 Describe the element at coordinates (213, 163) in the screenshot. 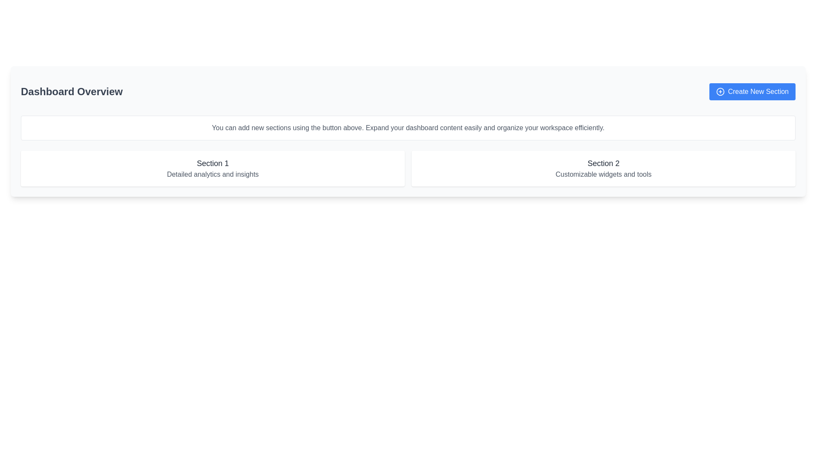

I see `the text of the heading labeled 'Section 1', which is styled in bold and larger font in dark gray, located in the leftmost section of a horizontally-aligned layout` at that location.